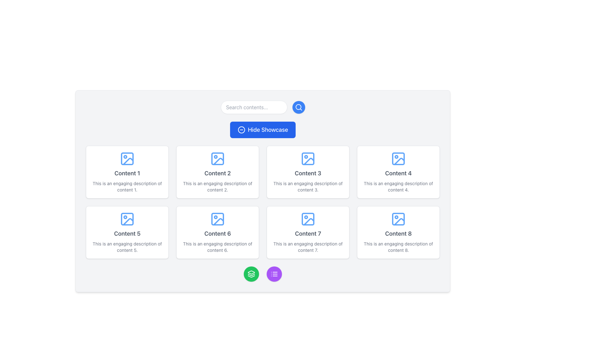 This screenshot has height=343, width=611. Describe the element at coordinates (253, 107) in the screenshot. I see `the search input field with rounded corners that has the placeholder text 'Search contents...'` at that location.